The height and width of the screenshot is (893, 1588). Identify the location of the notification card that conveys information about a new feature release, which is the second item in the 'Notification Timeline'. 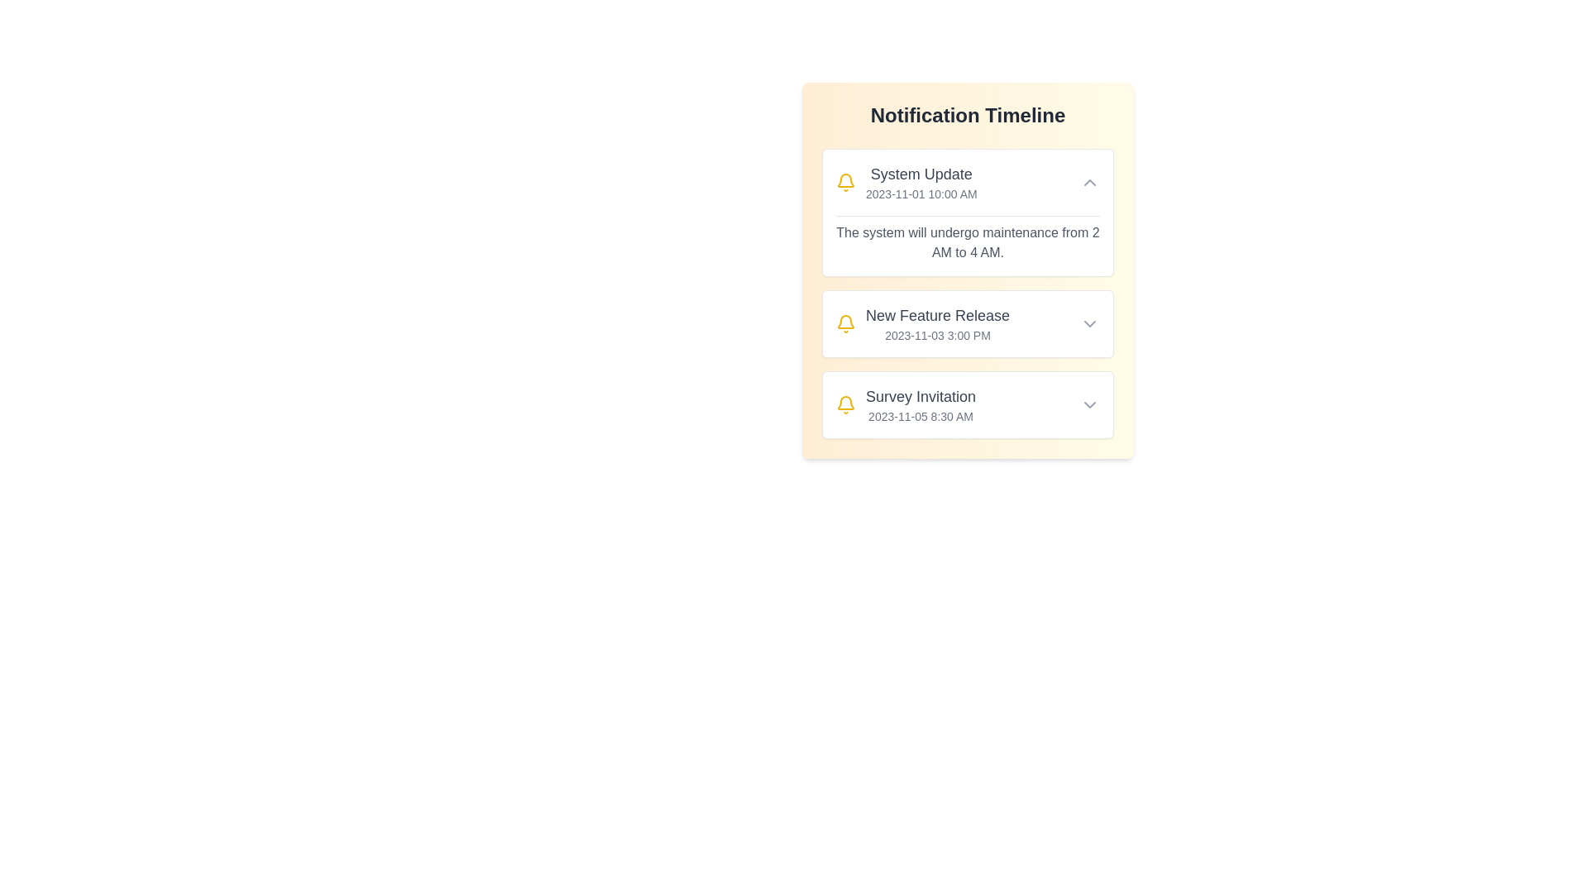
(968, 293).